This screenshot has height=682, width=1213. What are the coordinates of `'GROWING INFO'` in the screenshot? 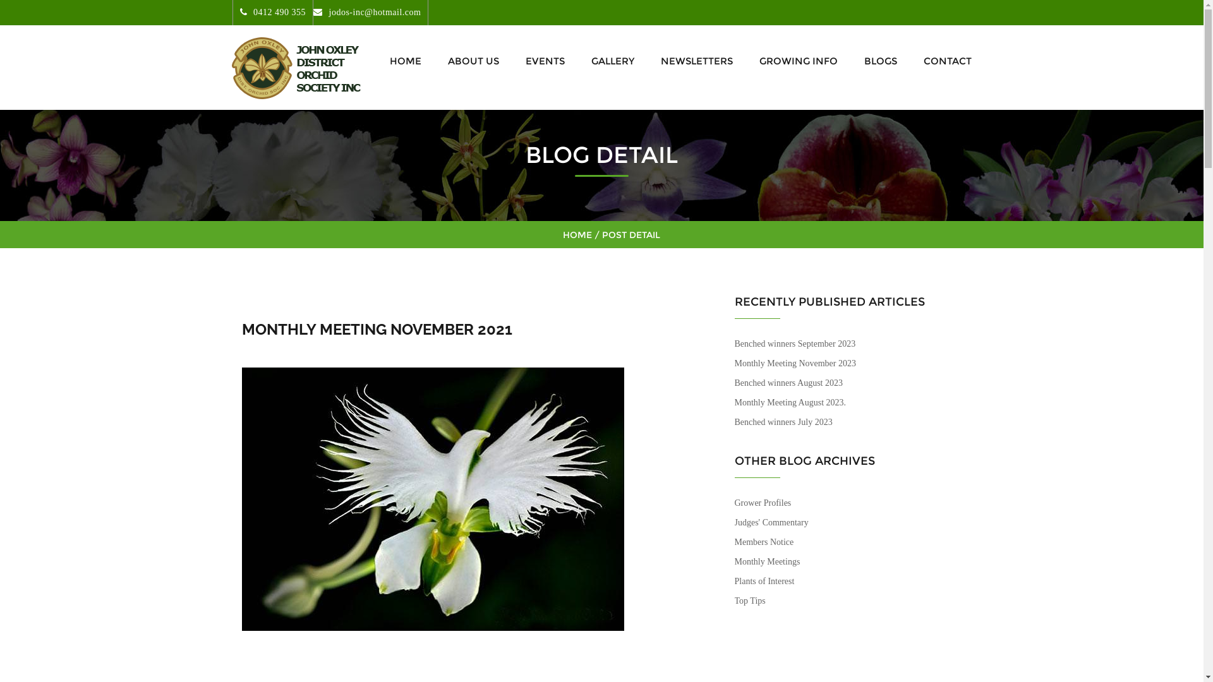 It's located at (797, 61).